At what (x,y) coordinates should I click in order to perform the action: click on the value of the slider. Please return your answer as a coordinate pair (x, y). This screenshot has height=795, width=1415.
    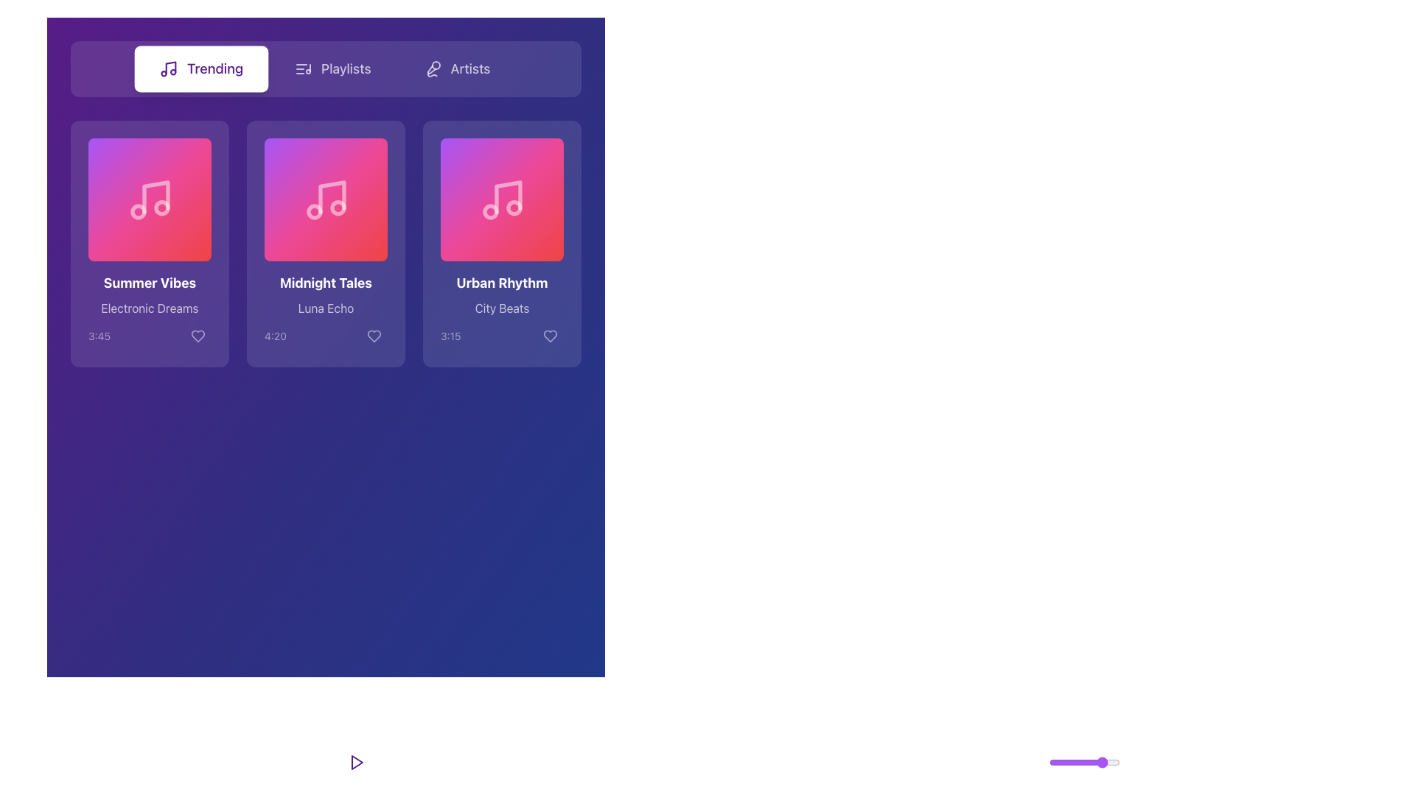
    Looking at the image, I should click on (1078, 762).